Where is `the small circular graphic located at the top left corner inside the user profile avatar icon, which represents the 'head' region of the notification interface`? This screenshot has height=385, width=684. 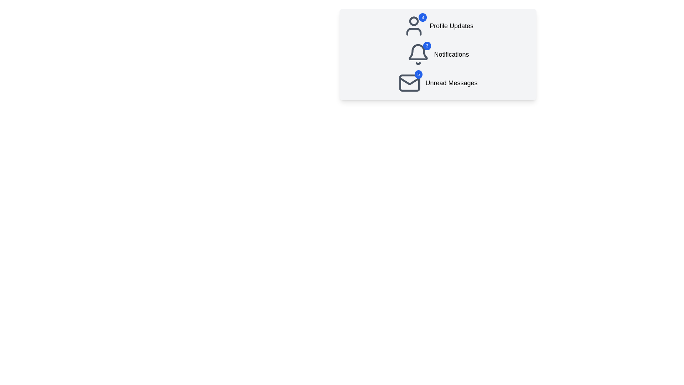 the small circular graphic located at the top left corner inside the user profile avatar icon, which represents the 'head' region of the notification interface is located at coordinates (414, 21).